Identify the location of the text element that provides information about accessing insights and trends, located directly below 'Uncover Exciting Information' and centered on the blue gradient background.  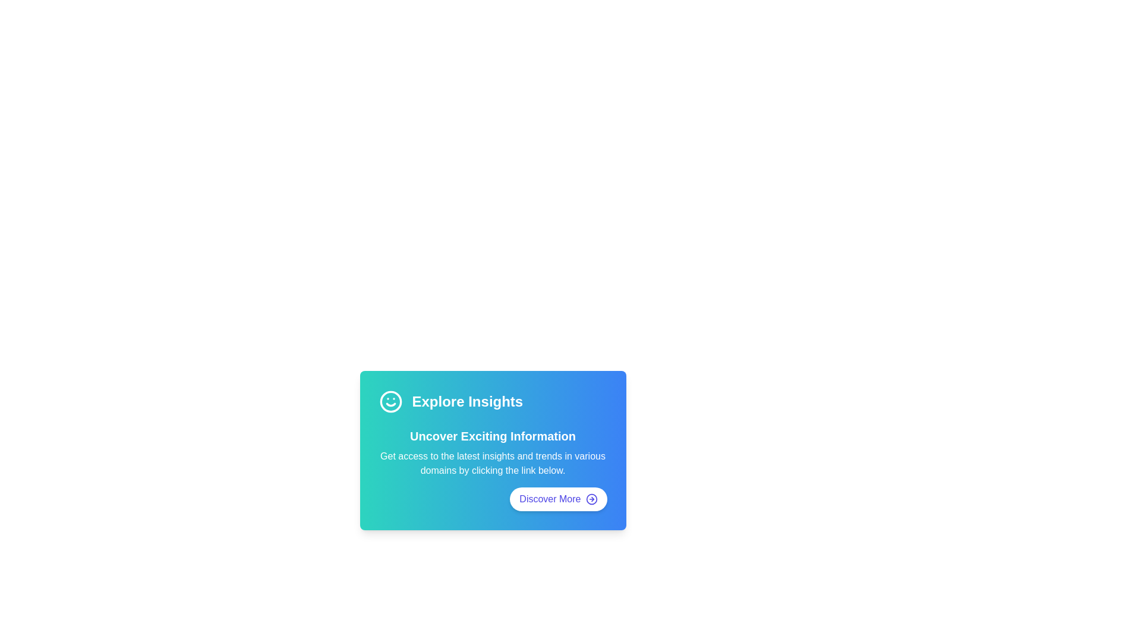
(493, 462).